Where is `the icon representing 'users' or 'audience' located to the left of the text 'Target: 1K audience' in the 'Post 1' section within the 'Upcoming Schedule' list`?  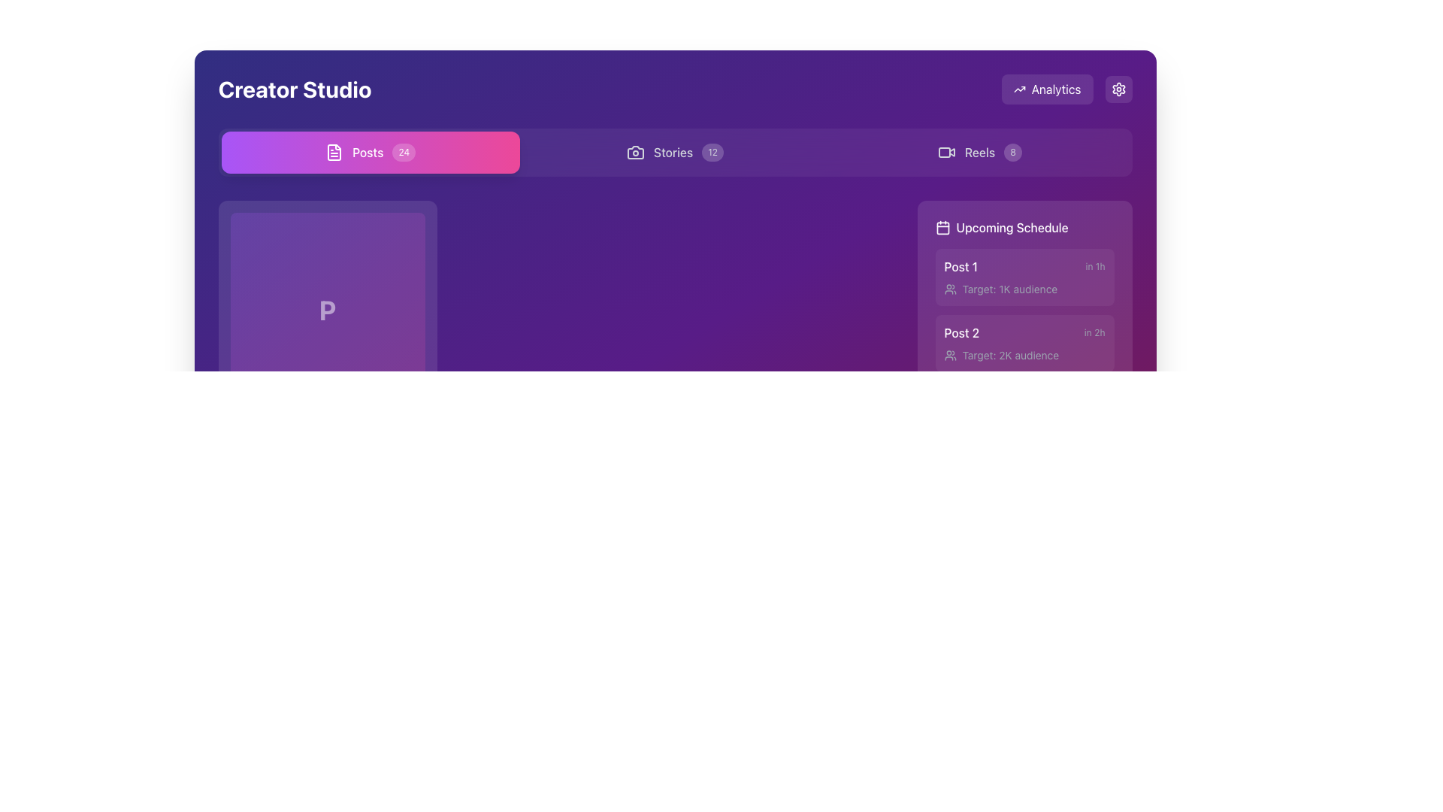 the icon representing 'users' or 'audience' located to the left of the text 'Target: 1K audience' in the 'Post 1' section within the 'Upcoming Schedule' list is located at coordinates (949, 289).